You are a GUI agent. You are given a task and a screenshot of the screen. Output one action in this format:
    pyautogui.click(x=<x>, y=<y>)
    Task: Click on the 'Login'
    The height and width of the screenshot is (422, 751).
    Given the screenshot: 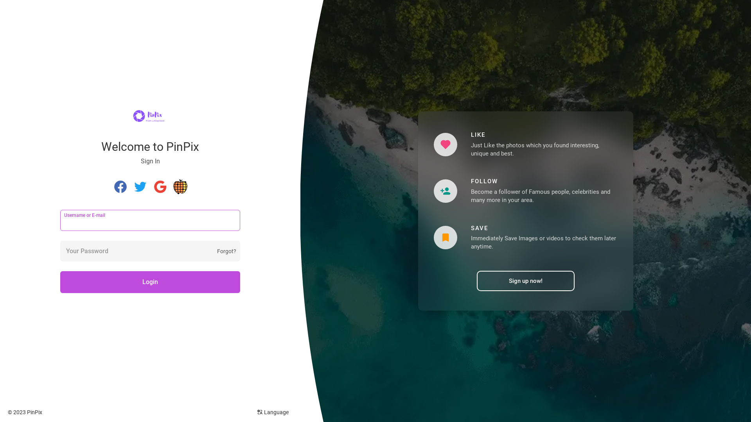 What is the action you would take?
    pyautogui.click(x=150, y=282)
    